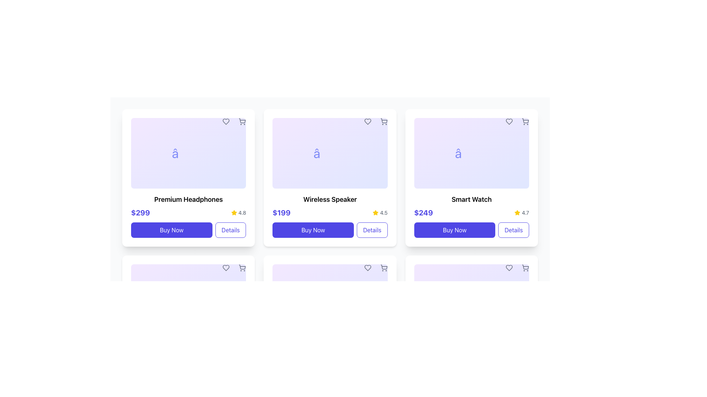 The height and width of the screenshot is (397, 707). What do you see at coordinates (313, 229) in the screenshot?
I see `the purchase button located in the second product card (Wireless Speaker) to initiate the purchase process` at bounding box center [313, 229].